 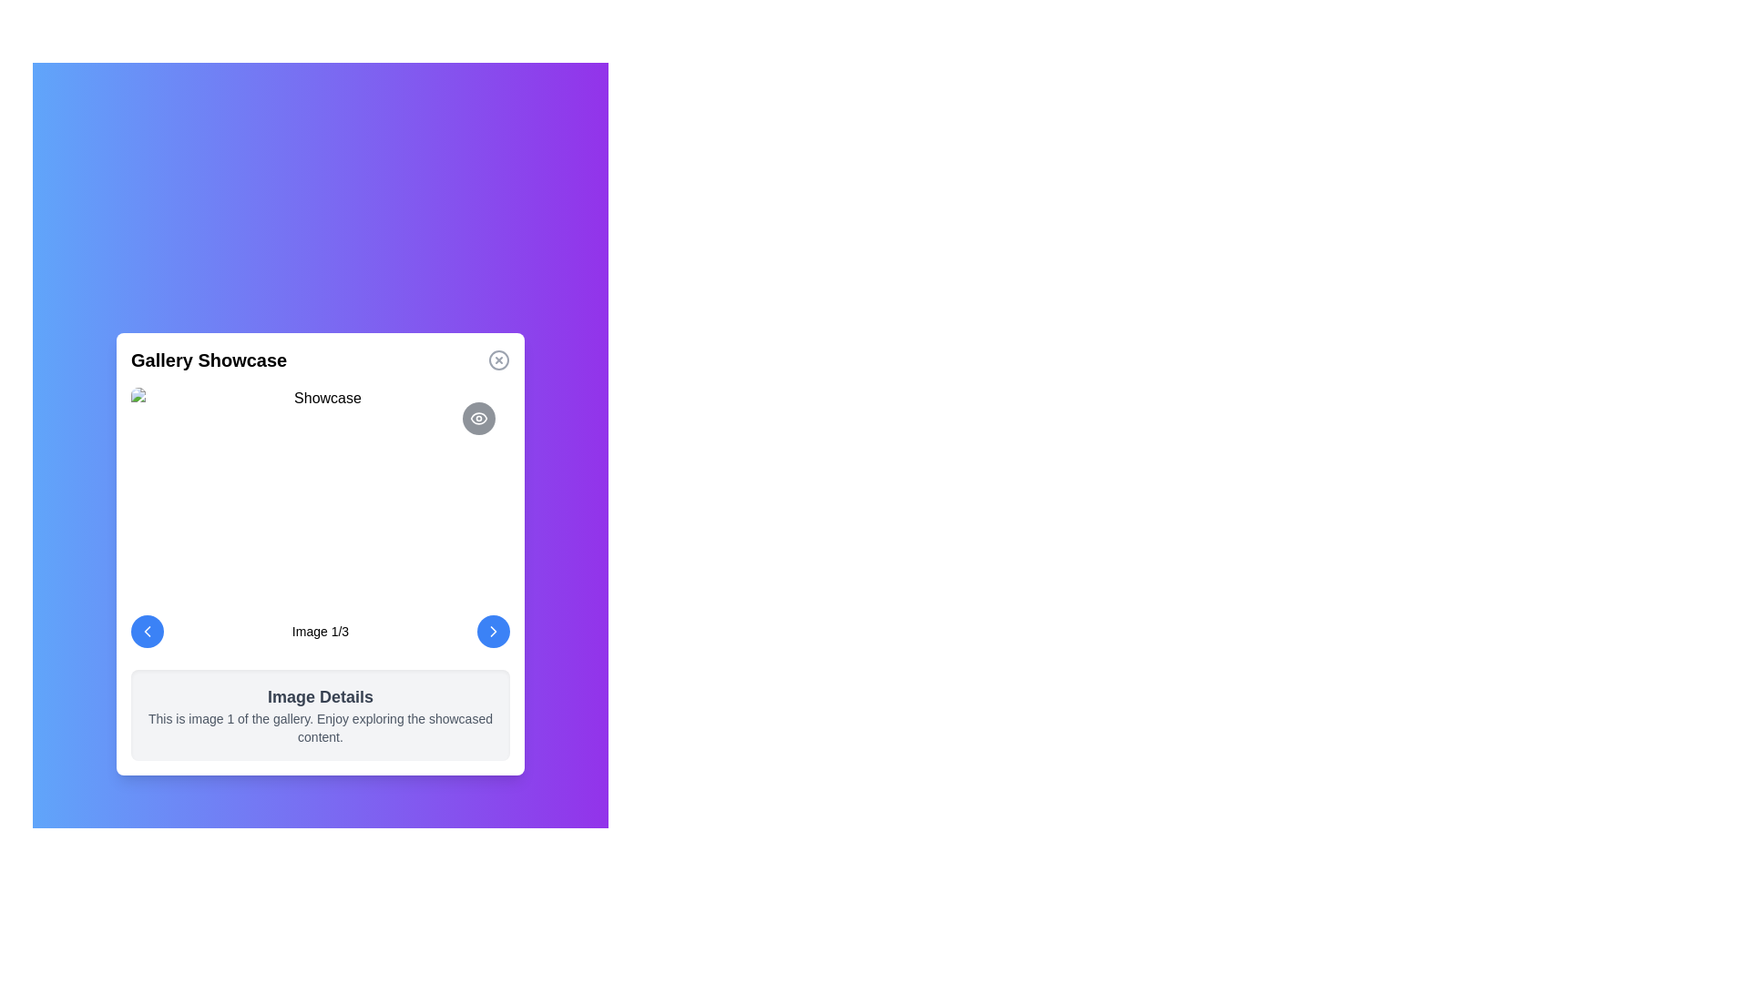 I want to click on the small triangular chevron icon located at the bottom right of the card interface inside the circular navigation button, so click(x=494, y=631).